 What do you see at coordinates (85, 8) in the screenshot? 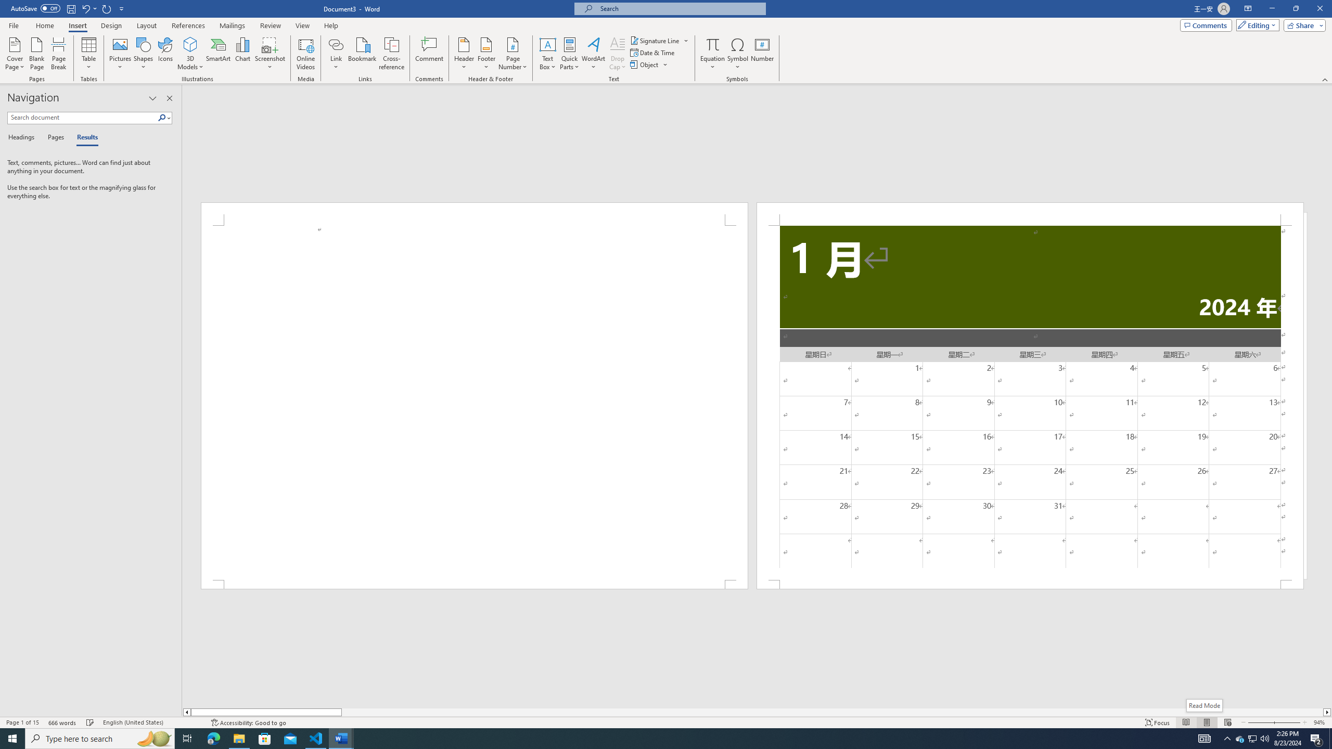
I see `'Undo New Page'` at bounding box center [85, 8].